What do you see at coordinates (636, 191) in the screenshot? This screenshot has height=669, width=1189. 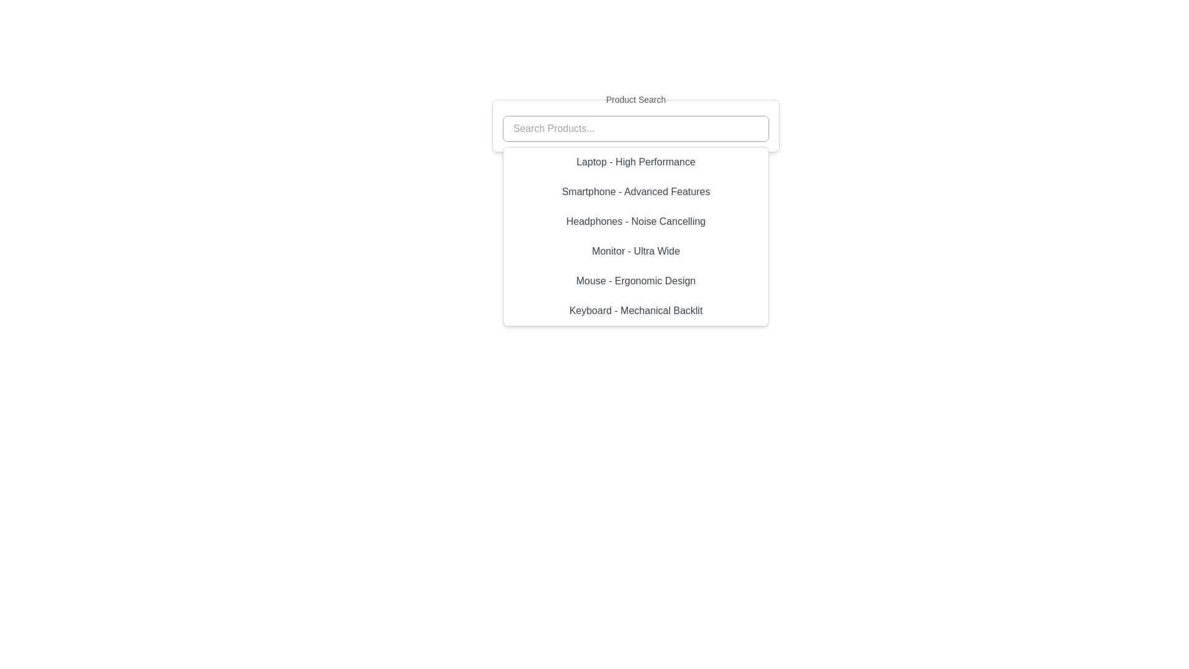 I see `the 'Smartphone - Advanced Features' text label in the dropdown menu, which is the second item in the list of options` at bounding box center [636, 191].